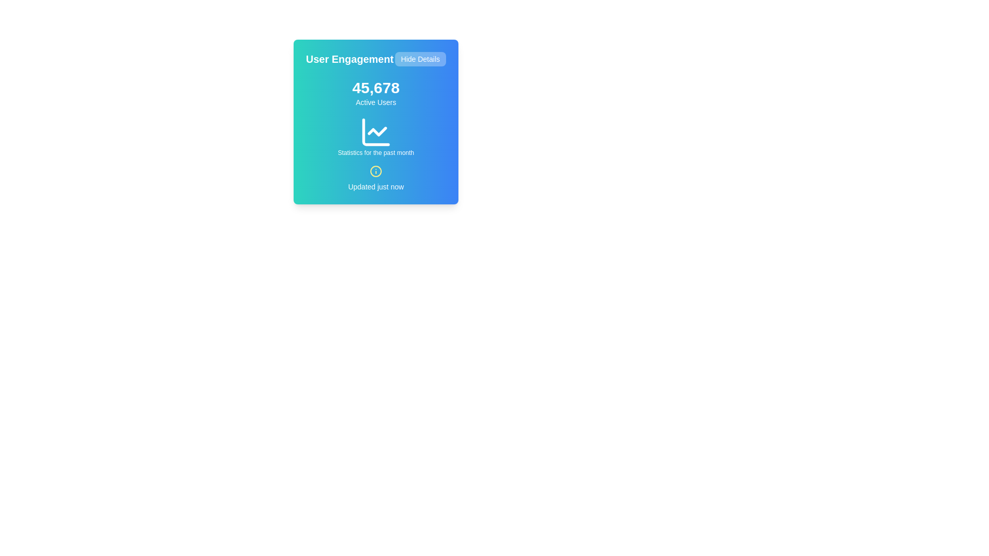 The width and height of the screenshot is (989, 556). I want to click on the informational graphic displaying user engagement statistics for the past month, so click(375, 136).